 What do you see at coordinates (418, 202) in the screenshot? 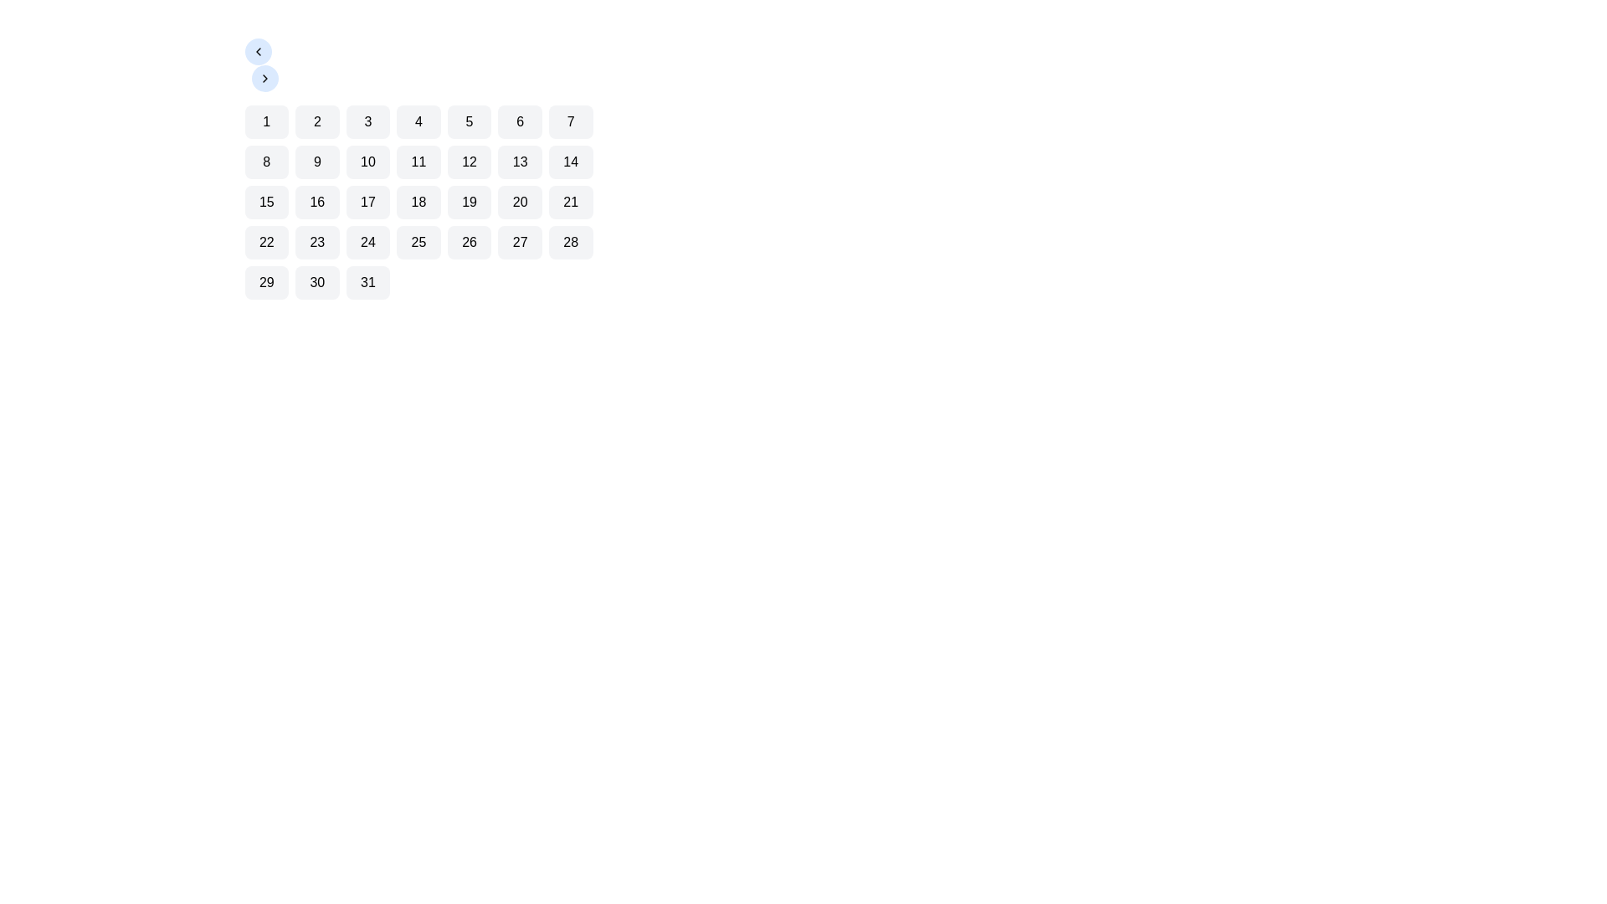
I see `the button displaying the number '18' with a light gray background located in the fourth column of the third row` at bounding box center [418, 202].